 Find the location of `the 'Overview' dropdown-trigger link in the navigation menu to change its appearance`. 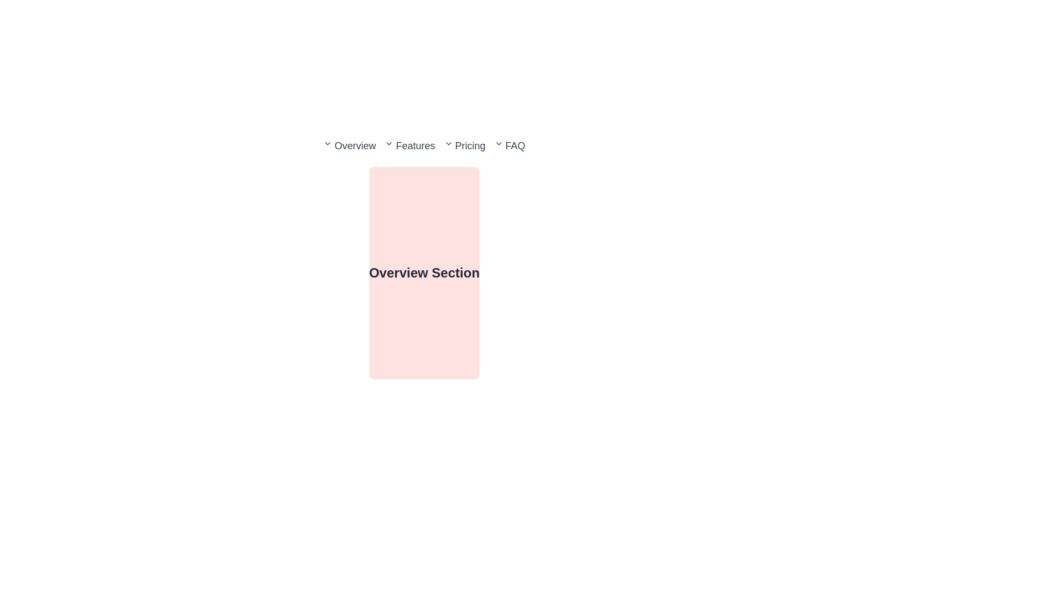

the 'Overview' dropdown-trigger link in the navigation menu to change its appearance is located at coordinates (349, 145).